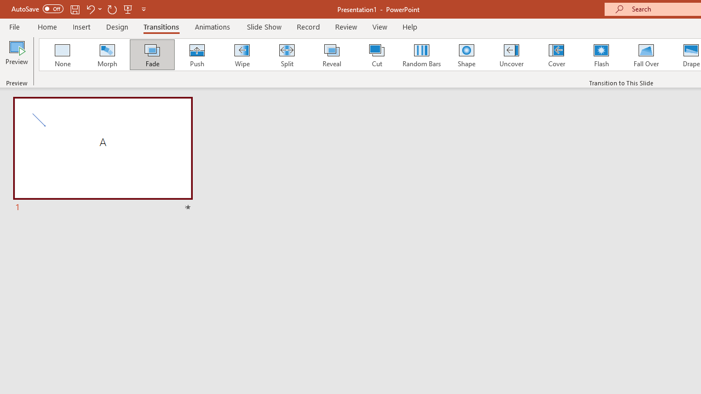 This screenshot has width=701, height=394. What do you see at coordinates (646, 55) in the screenshot?
I see `'Fall Over'` at bounding box center [646, 55].